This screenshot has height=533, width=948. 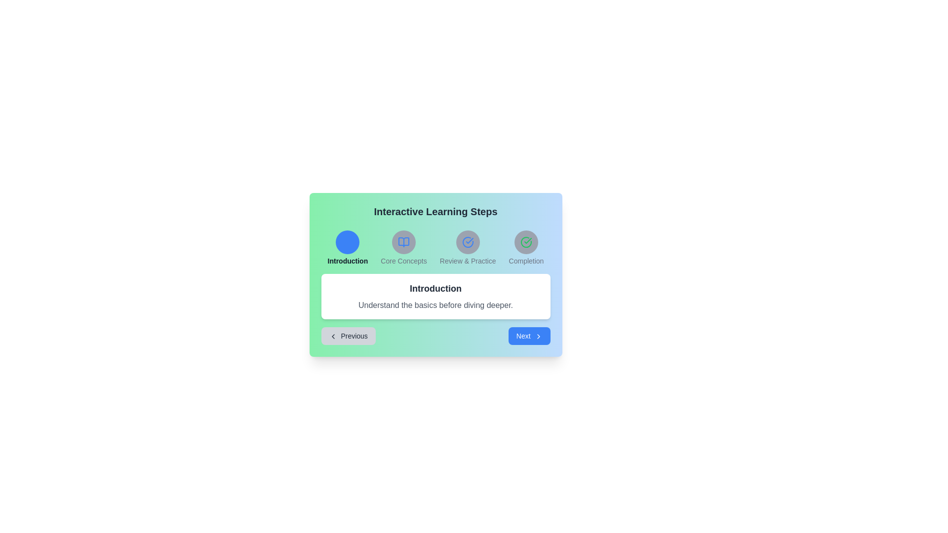 I want to click on the Decorative Indicator that signifies the 'Completion' phase, located to the right of the 'Review & Practice' button and above the text 'Completion', so click(x=525, y=242).